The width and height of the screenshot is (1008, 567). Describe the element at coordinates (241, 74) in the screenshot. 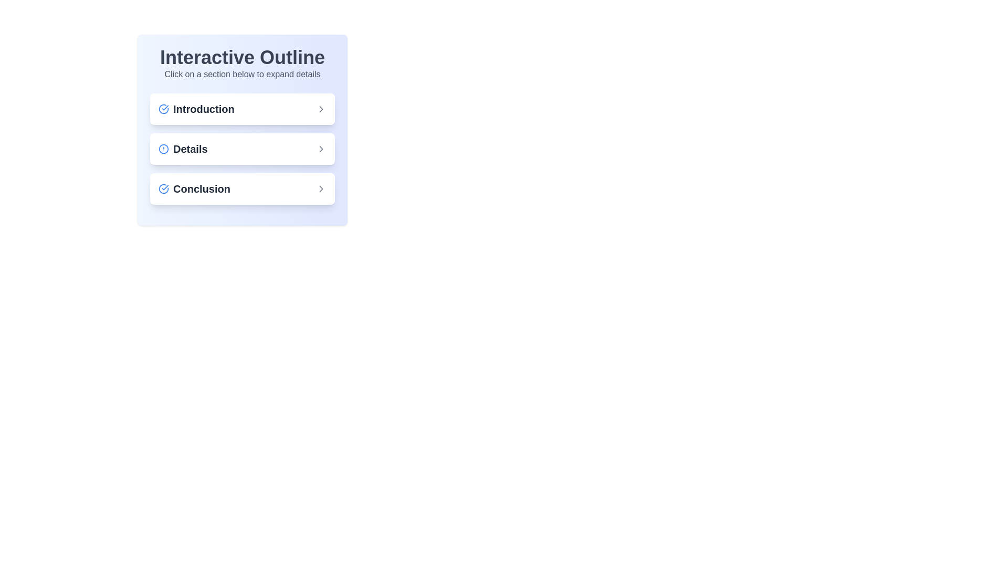

I see `instruction text label located below the header 'Interactive Outline' and above the sections 'Introduction', 'Details', and 'Conclusion'` at that location.